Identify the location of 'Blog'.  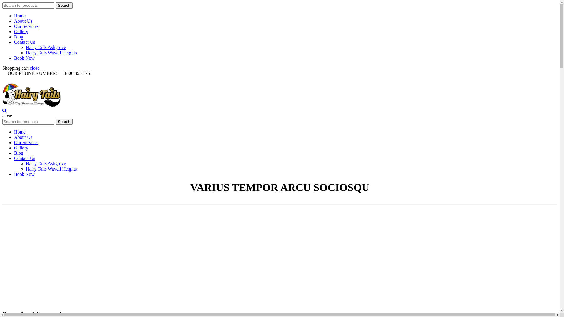
(19, 37).